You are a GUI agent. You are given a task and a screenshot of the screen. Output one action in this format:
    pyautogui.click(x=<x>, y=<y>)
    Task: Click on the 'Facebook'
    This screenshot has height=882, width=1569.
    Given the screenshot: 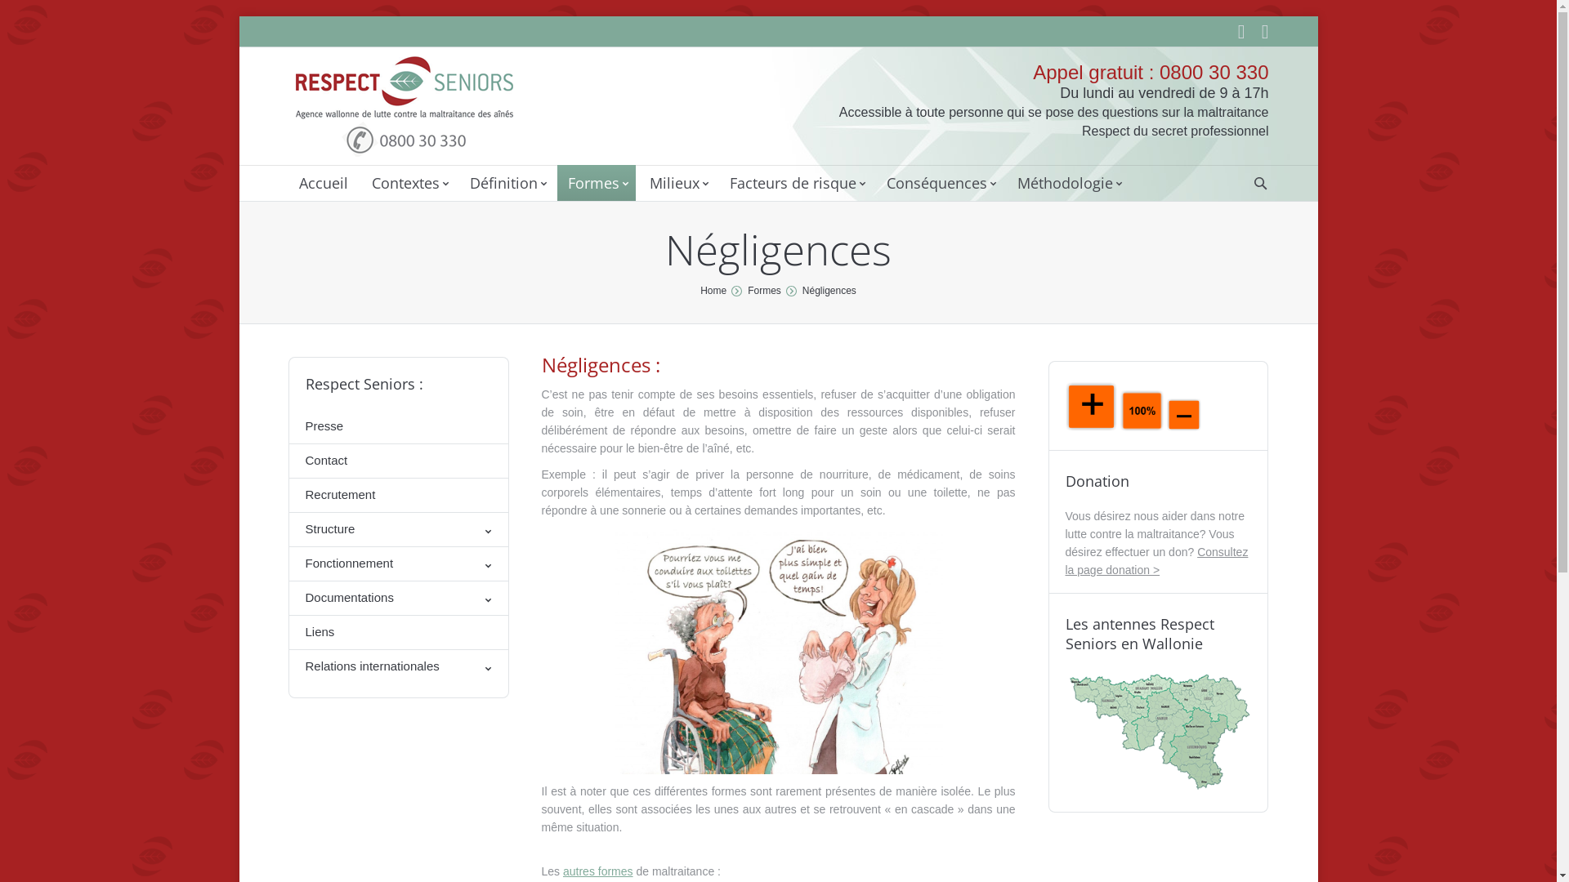 What is the action you would take?
    pyautogui.click(x=1247, y=32)
    